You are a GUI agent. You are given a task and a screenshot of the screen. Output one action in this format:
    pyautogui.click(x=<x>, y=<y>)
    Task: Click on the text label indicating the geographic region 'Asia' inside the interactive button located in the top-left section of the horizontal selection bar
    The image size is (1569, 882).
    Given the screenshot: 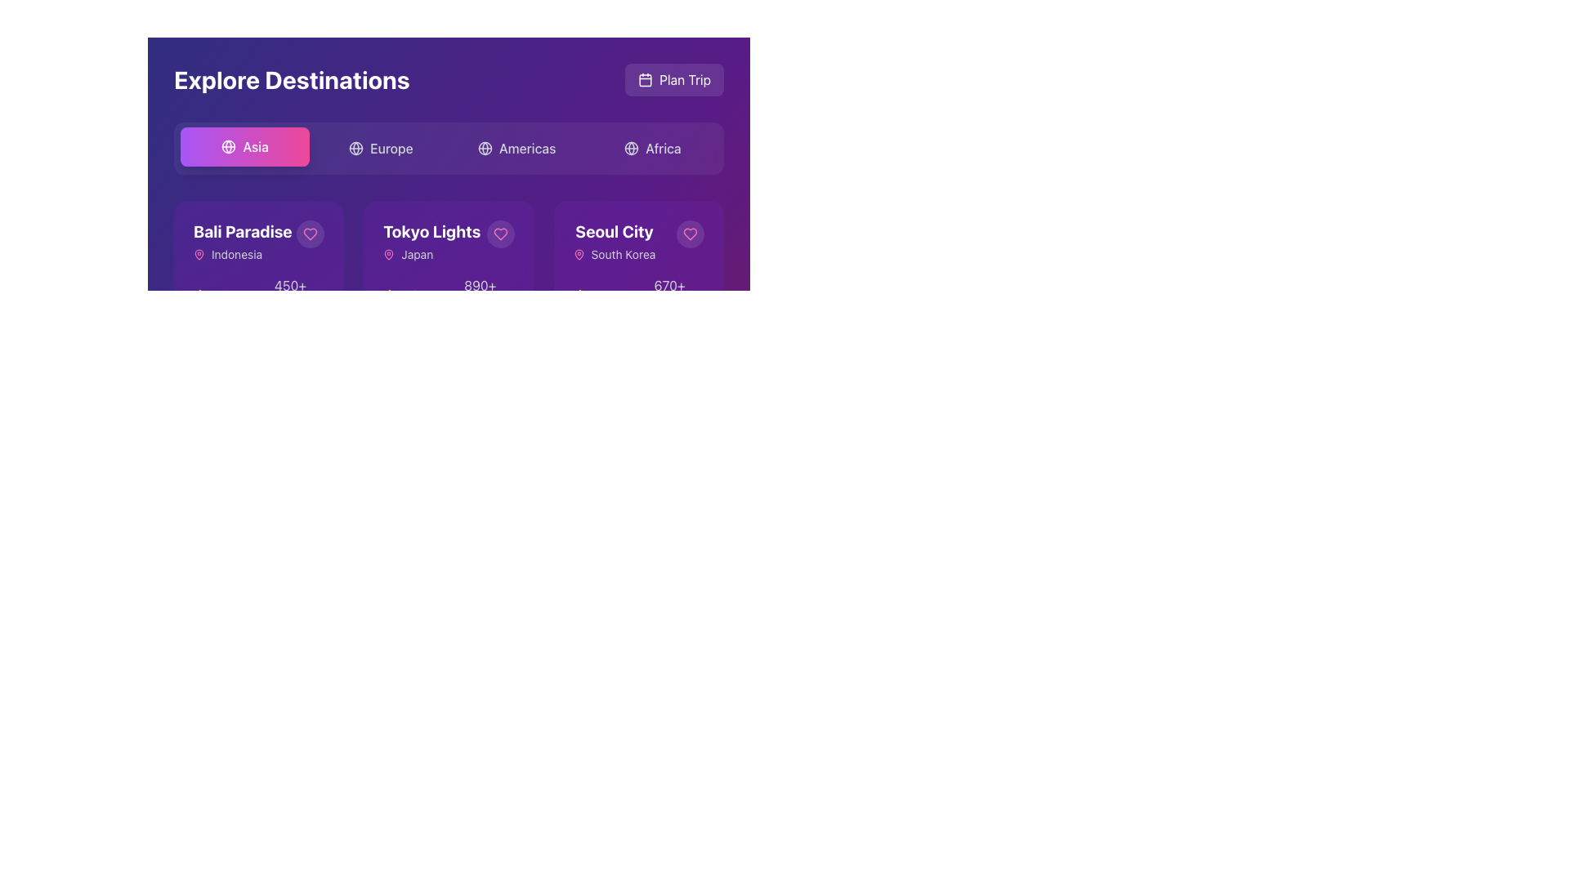 What is the action you would take?
    pyautogui.click(x=255, y=147)
    